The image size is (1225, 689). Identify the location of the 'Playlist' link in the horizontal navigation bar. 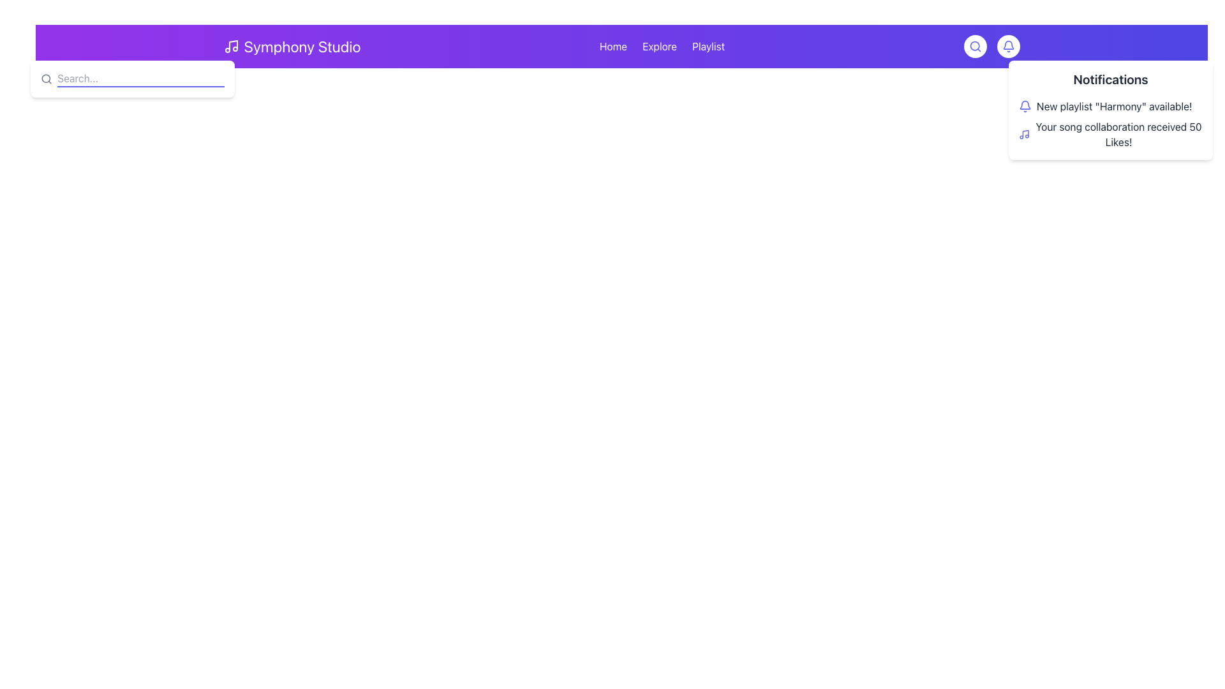
(708, 46).